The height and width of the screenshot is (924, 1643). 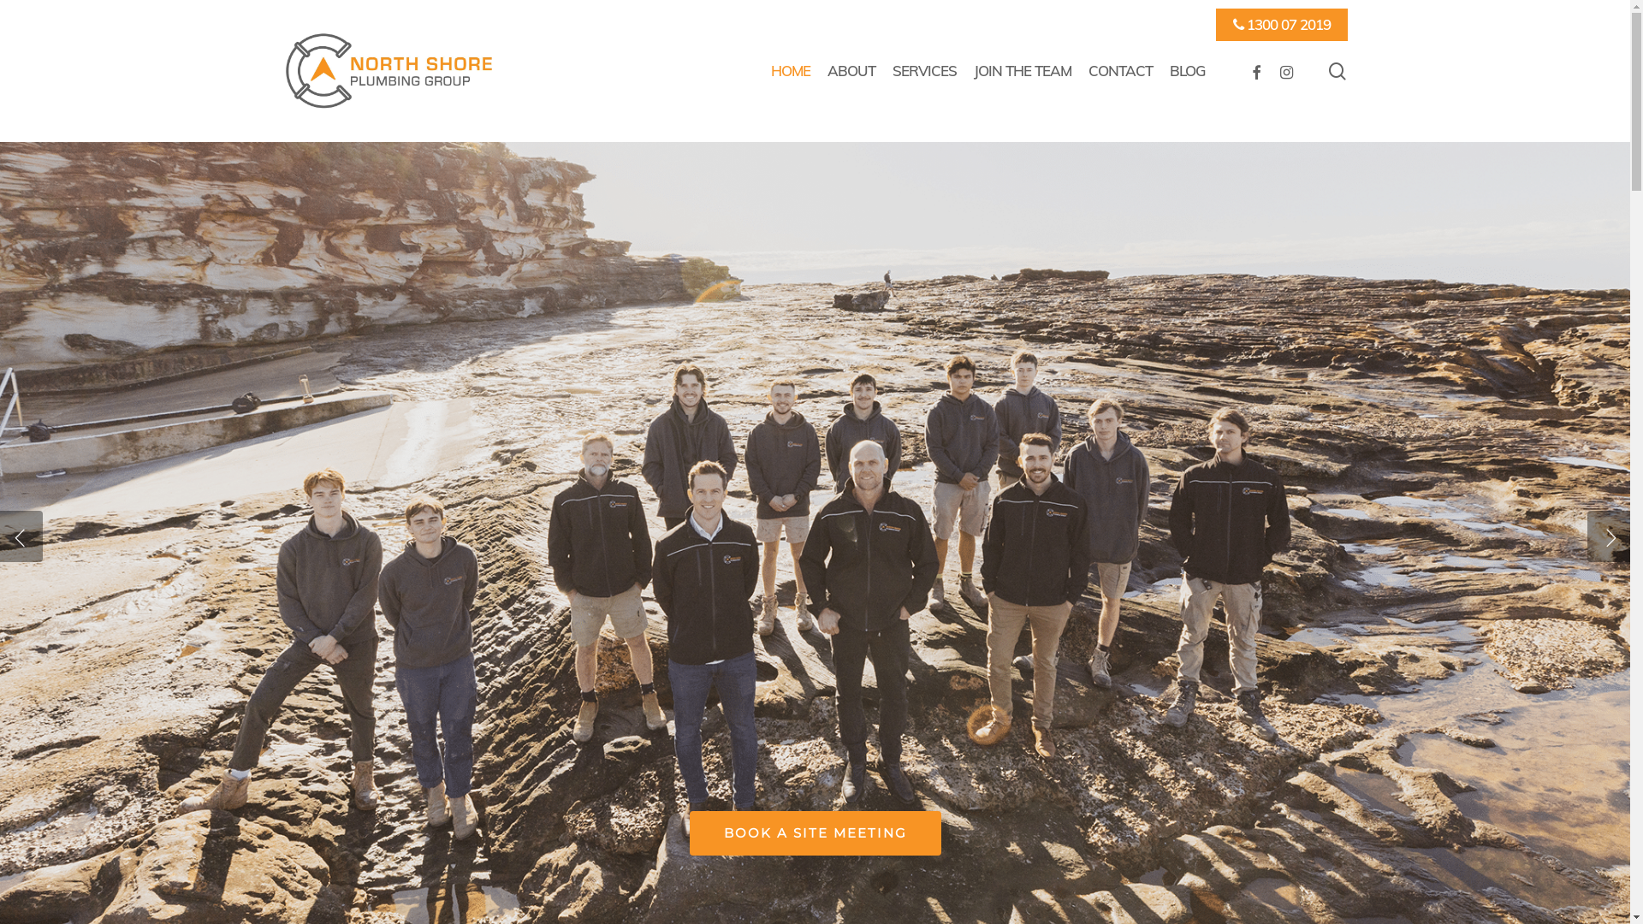 What do you see at coordinates (1285, 70) in the screenshot?
I see `'instagram'` at bounding box center [1285, 70].